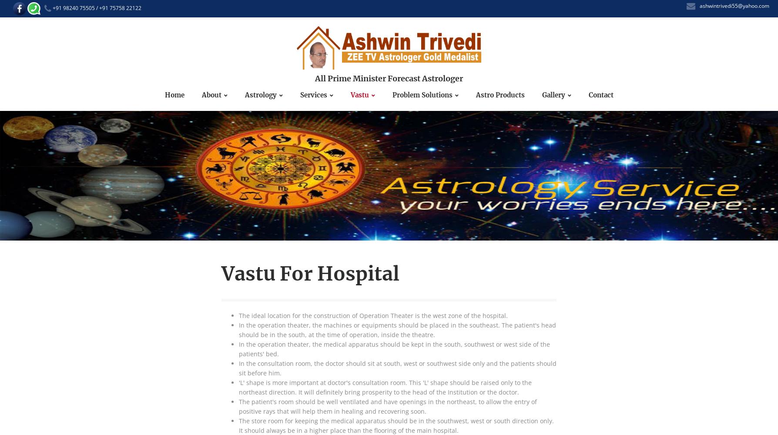 This screenshot has width=778, height=435. What do you see at coordinates (174, 94) in the screenshot?
I see `'Home'` at bounding box center [174, 94].